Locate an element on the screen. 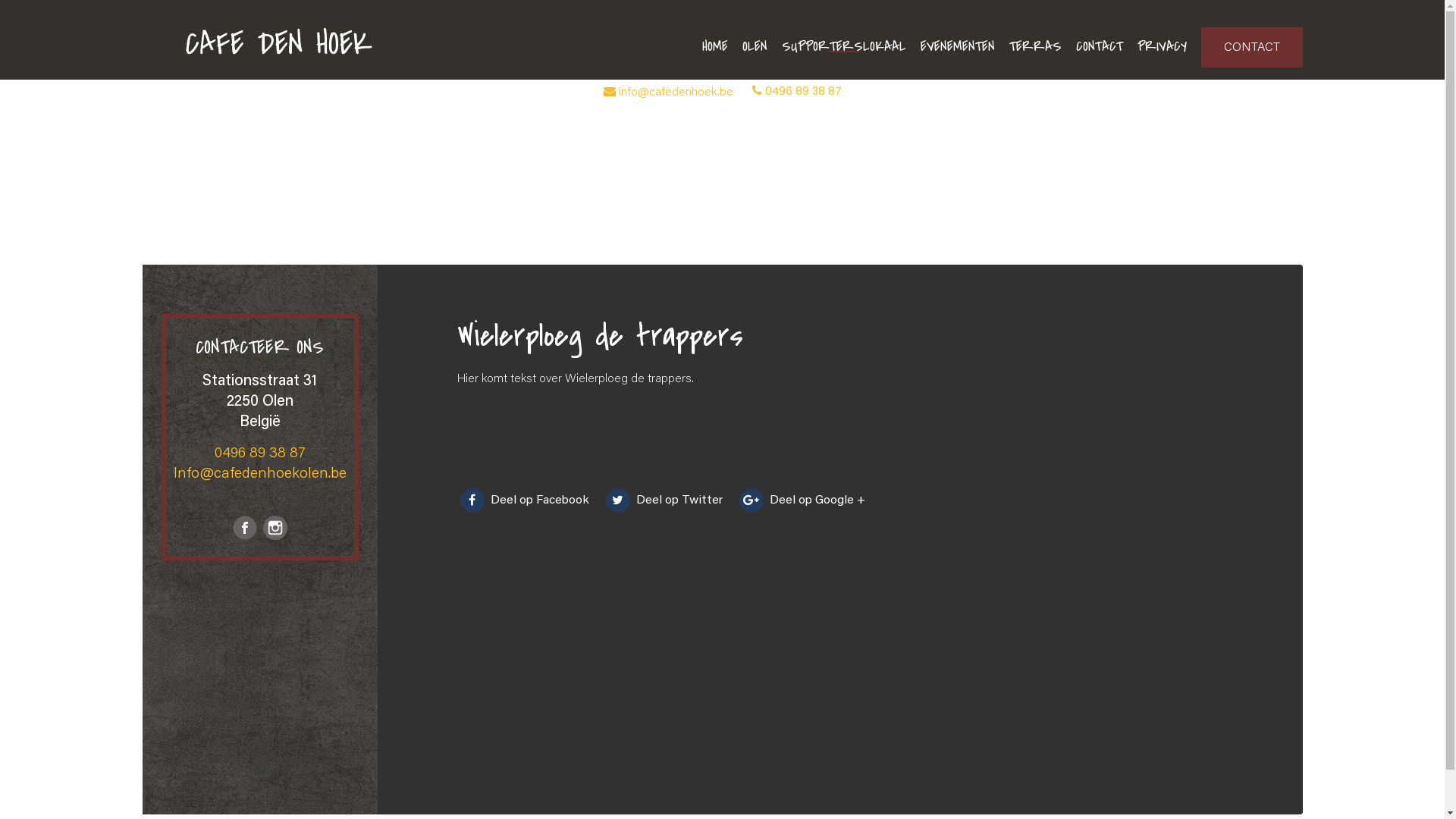  'PRIVACY' is located at coordinates (1161, 45).